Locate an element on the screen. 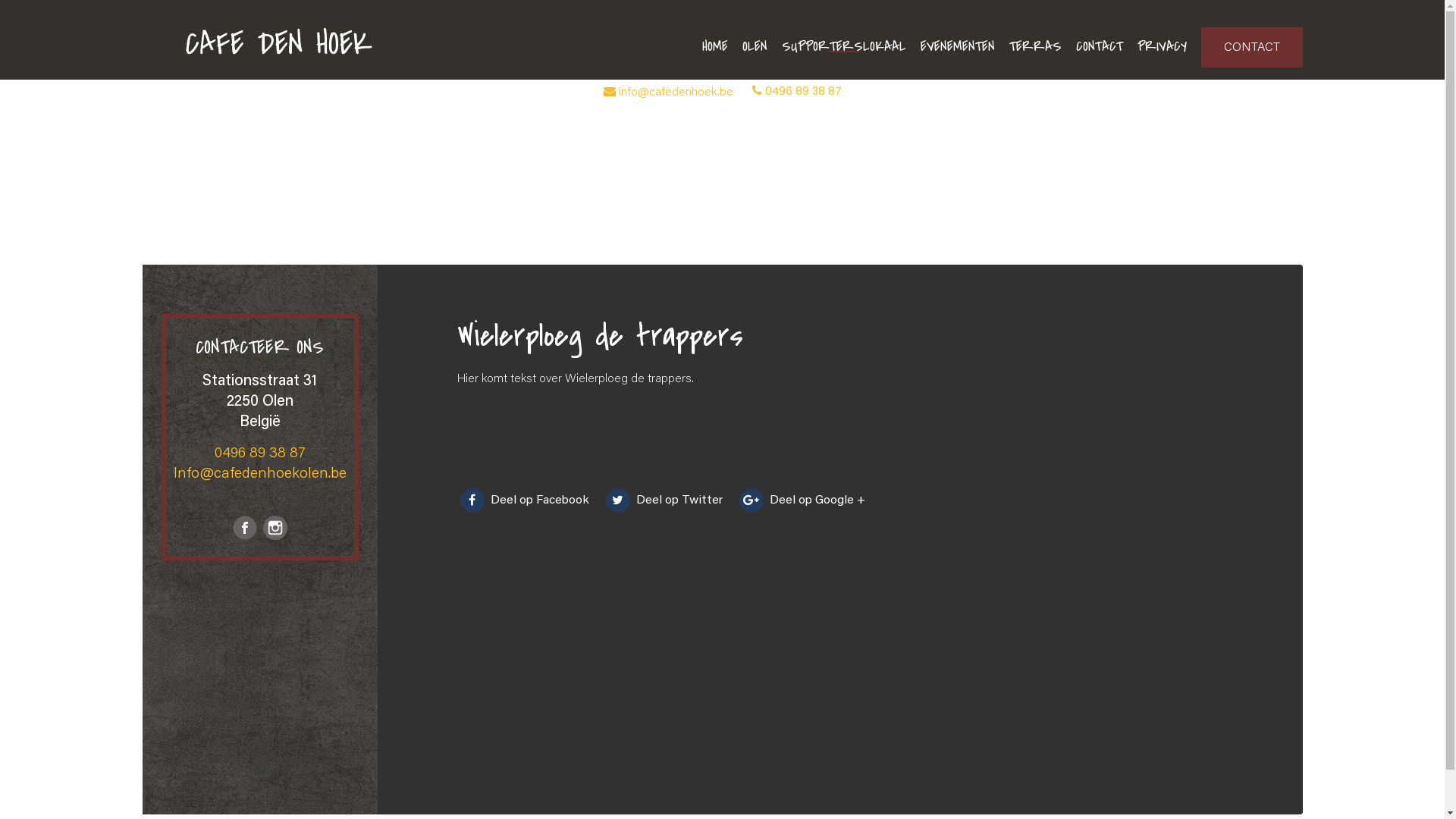  'PRIVACY' is located at coordinates (1161, 45).